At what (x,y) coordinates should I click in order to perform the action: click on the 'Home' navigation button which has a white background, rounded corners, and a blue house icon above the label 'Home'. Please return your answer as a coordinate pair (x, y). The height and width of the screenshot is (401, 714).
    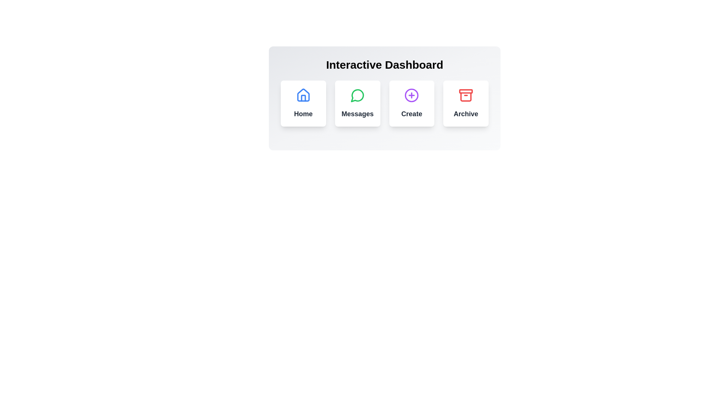
    Looking at the image, I should click on (303, 103).